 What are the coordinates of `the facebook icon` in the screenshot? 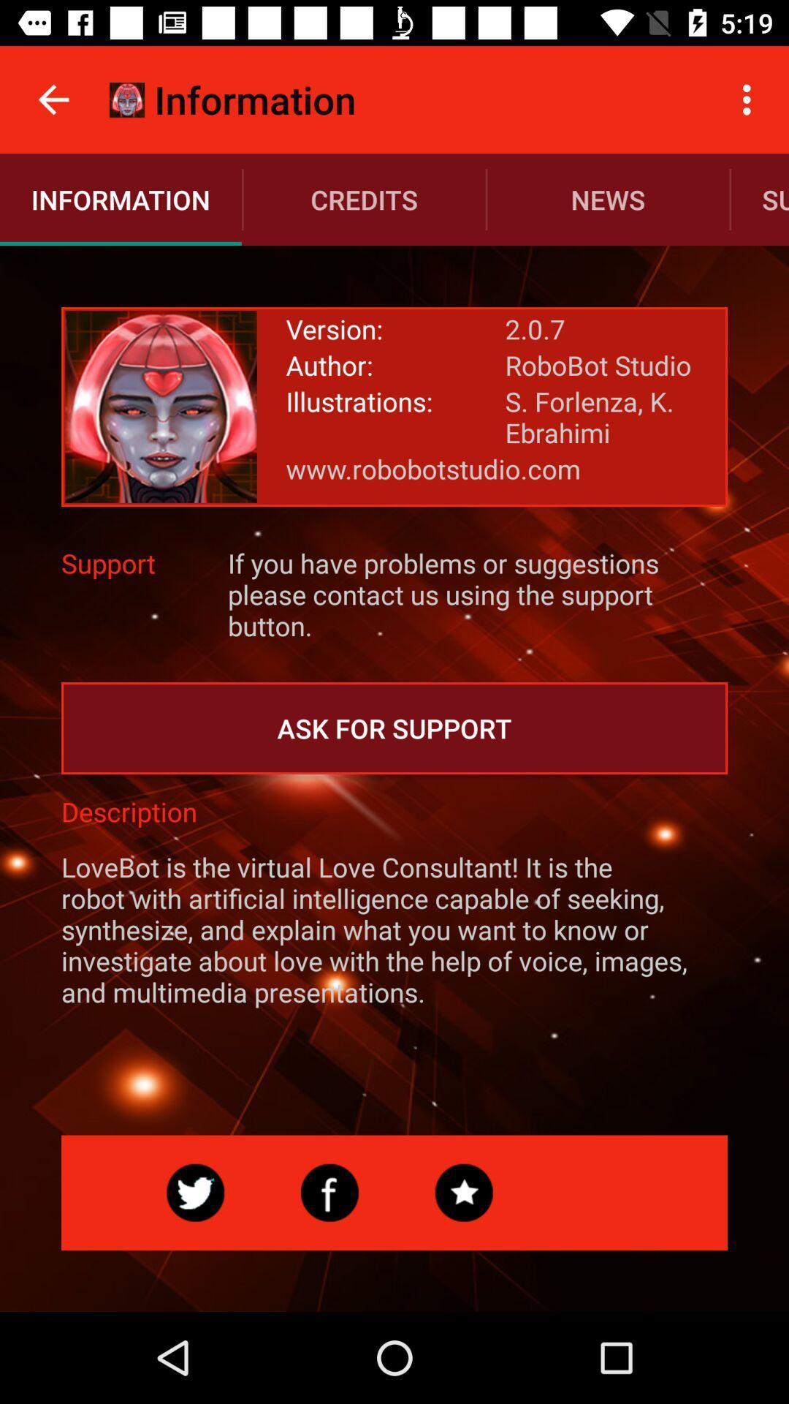 It's located at (329, 1193).